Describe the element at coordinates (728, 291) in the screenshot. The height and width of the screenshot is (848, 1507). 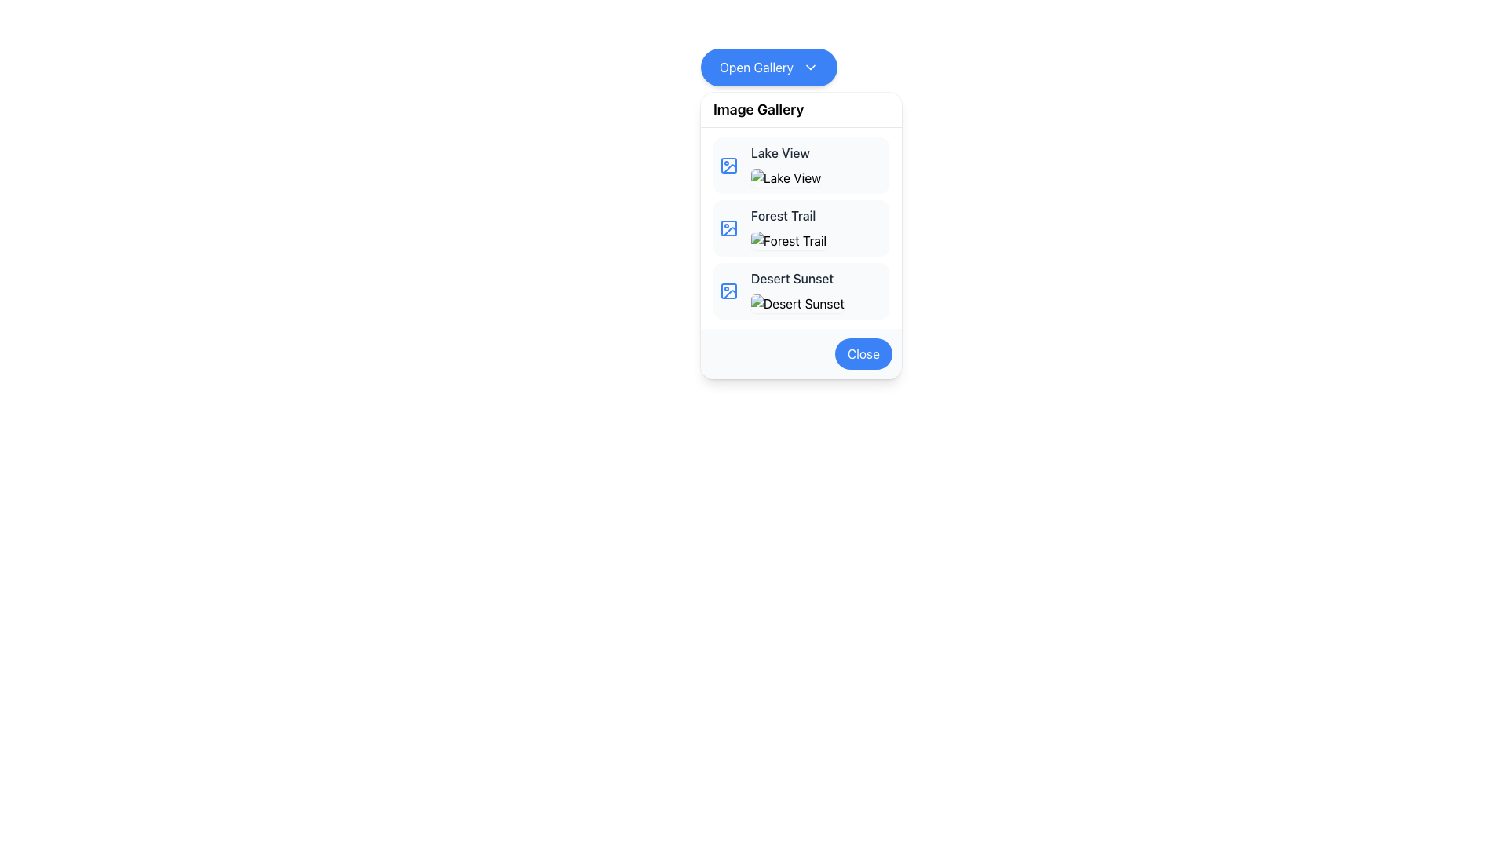
I see `the icon for the image file associated with the gallery item 'Desert Sunset', which is located in the third row of the gallery list, to the left of the text 'Desert Sunset'` at that location.